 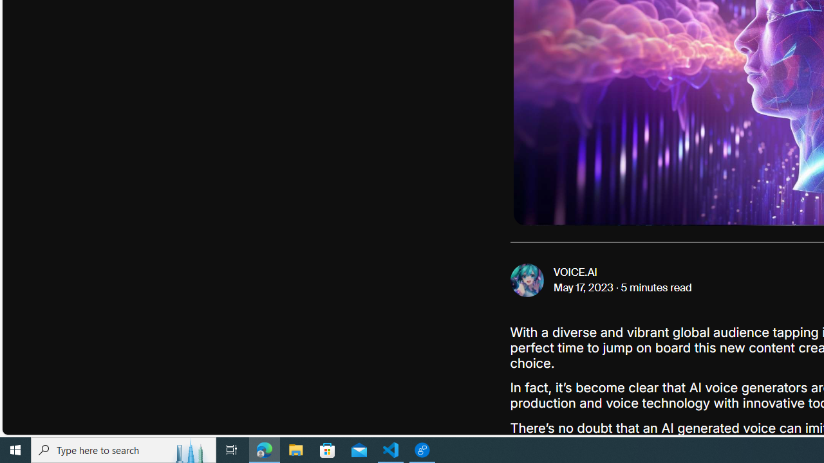 What do you see at coordinates (656, 287) in the screenshot?
I see `'5 minutes read'` at bounding box center [656, 287].